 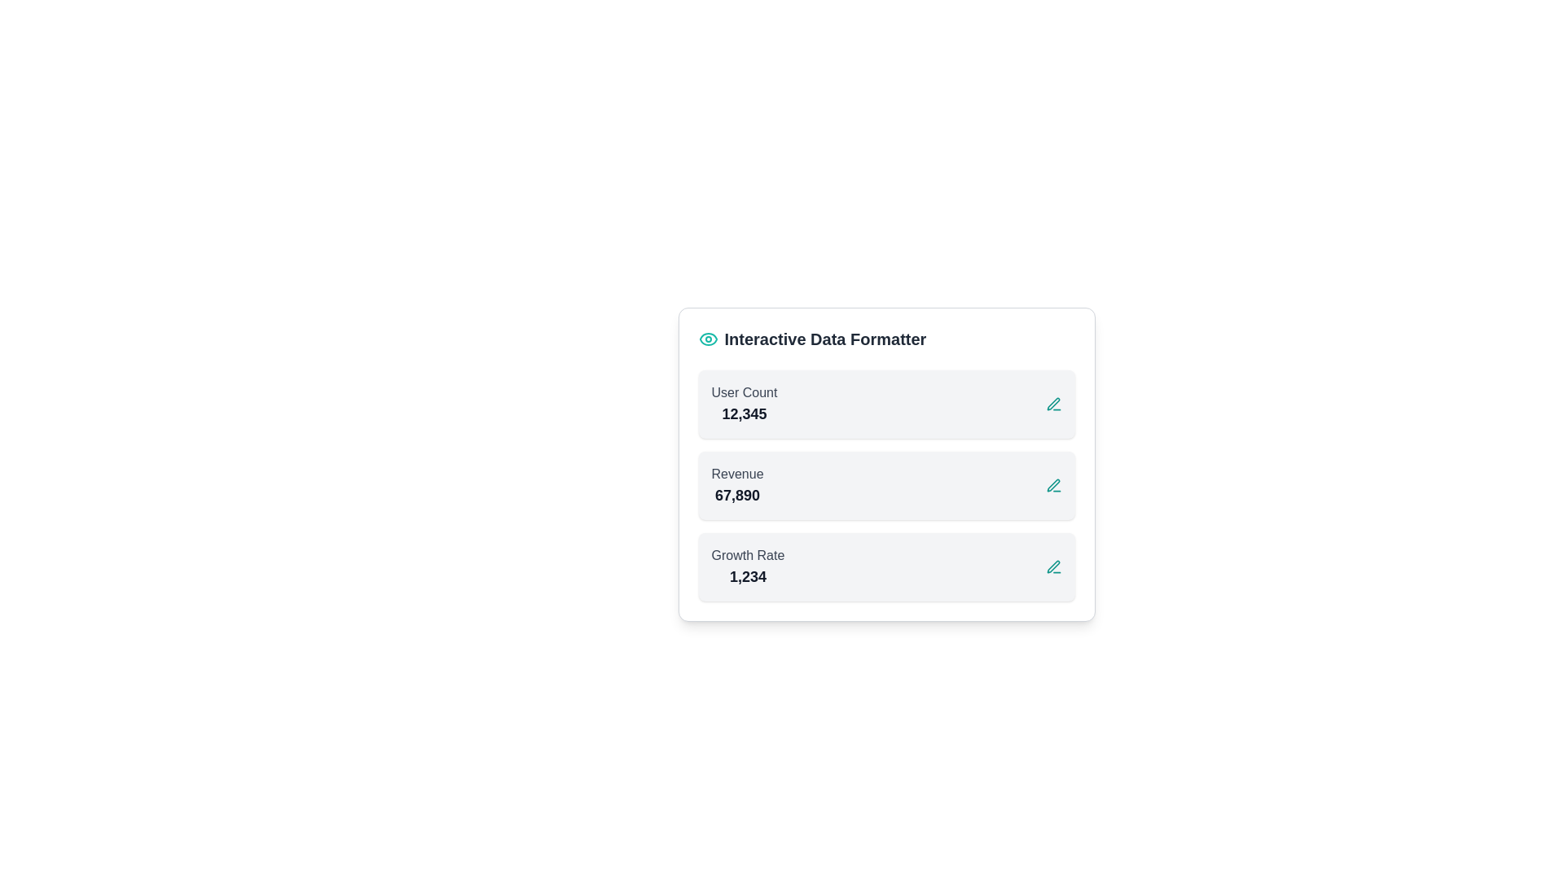 What do you see at coordinates (885, 485) in the screenshot?
I see `the revenue metric statistical display card, which is the second card in a vertical stack of three cards, positioned below the 'User Count' card and above the 'Growth Rate' card` at bounding box center [885, 485].